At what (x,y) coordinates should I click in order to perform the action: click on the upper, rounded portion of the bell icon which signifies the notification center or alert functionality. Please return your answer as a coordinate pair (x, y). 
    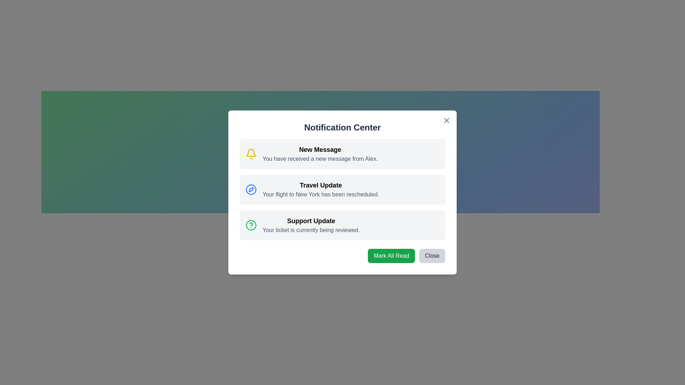
    Looking at the image, I should click on (251, 152).